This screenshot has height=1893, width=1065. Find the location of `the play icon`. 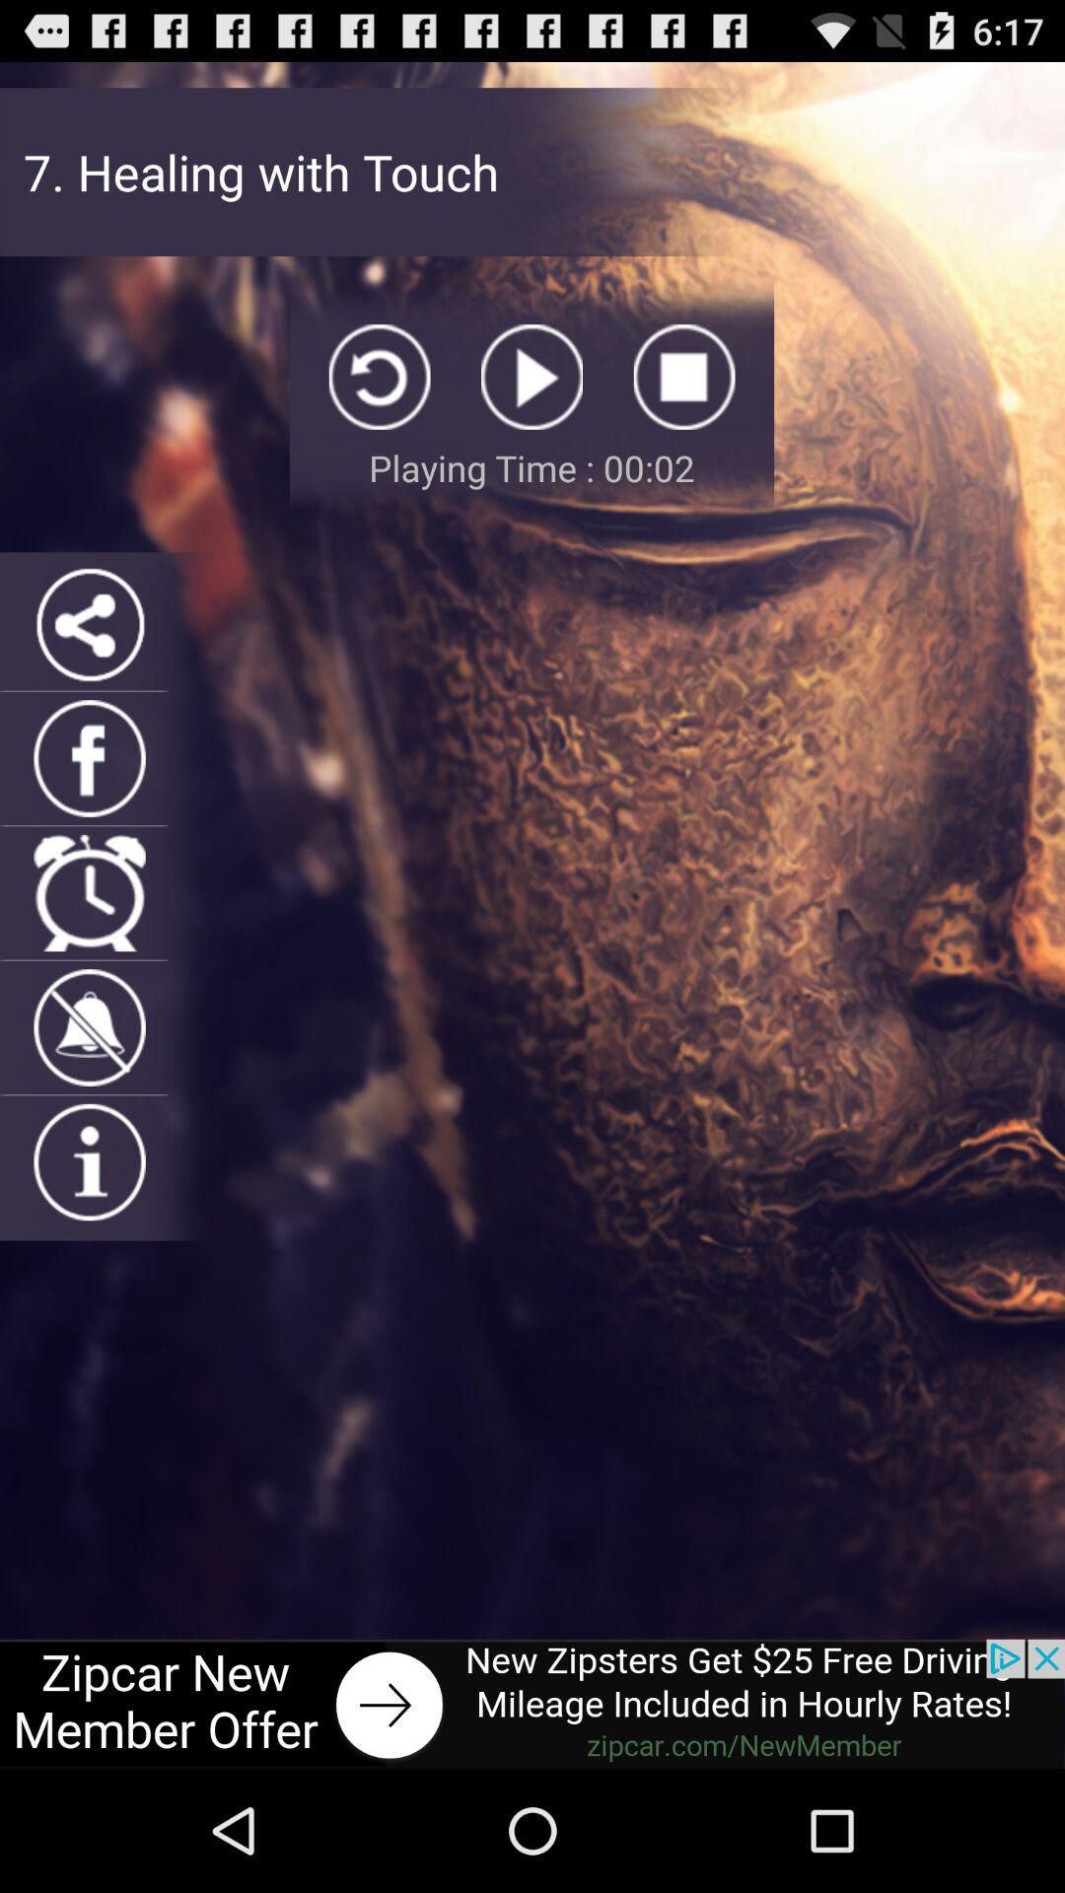

the play icon is located at coordinates (531, 402).